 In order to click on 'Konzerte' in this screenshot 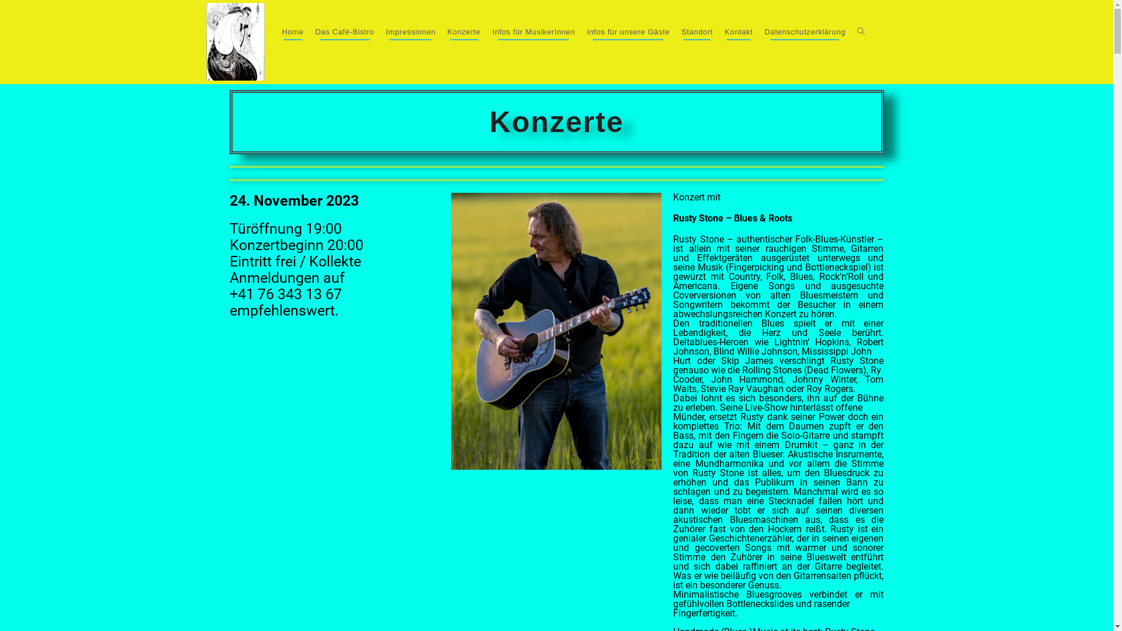, I will do `click(463, 31)`.